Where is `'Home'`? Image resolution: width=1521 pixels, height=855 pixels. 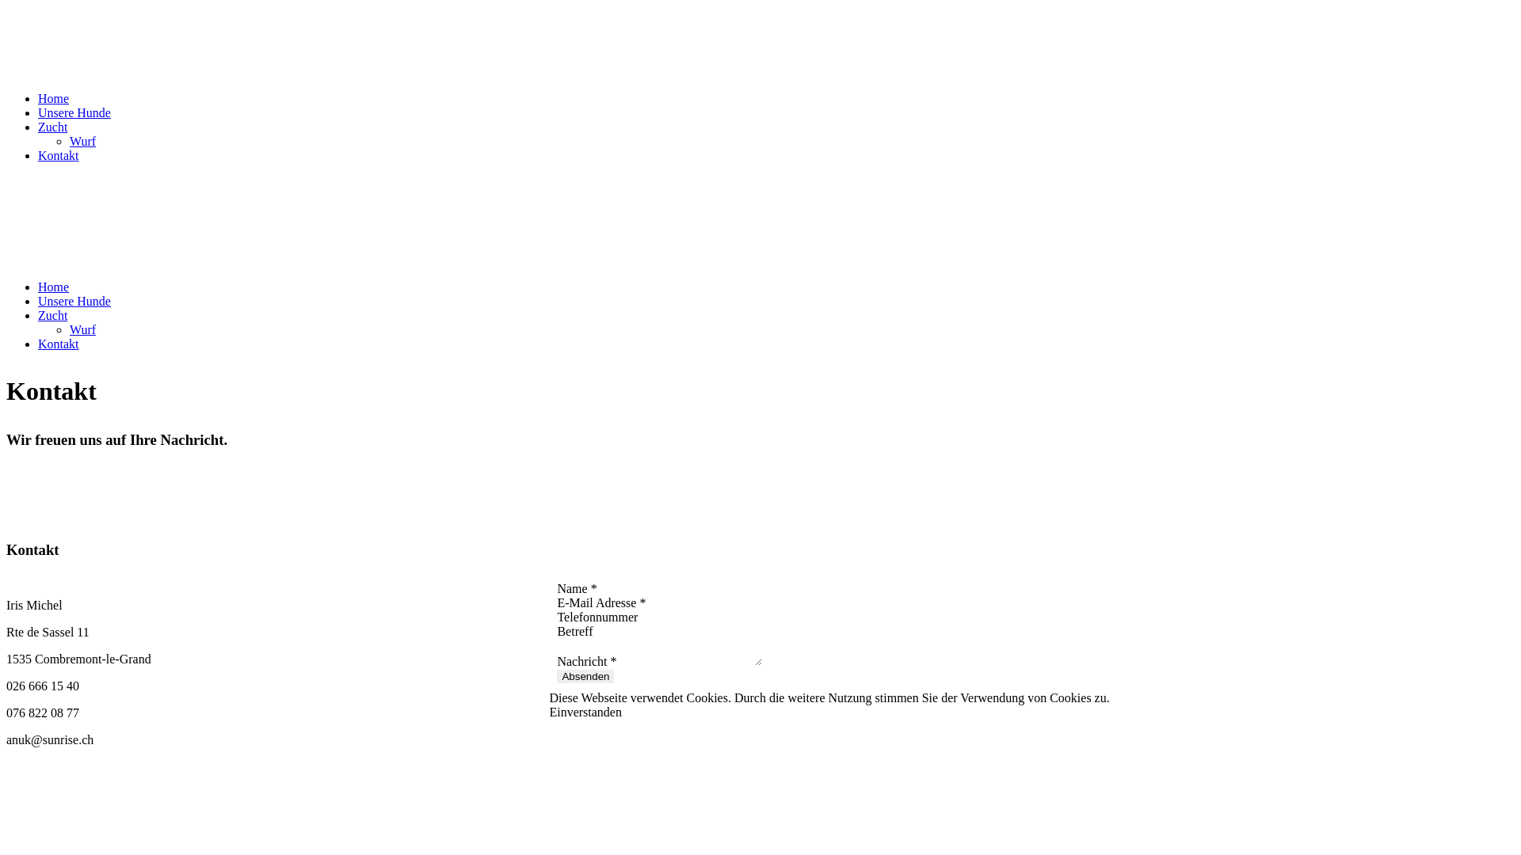
'Home' is located at coordinates (53, 98).